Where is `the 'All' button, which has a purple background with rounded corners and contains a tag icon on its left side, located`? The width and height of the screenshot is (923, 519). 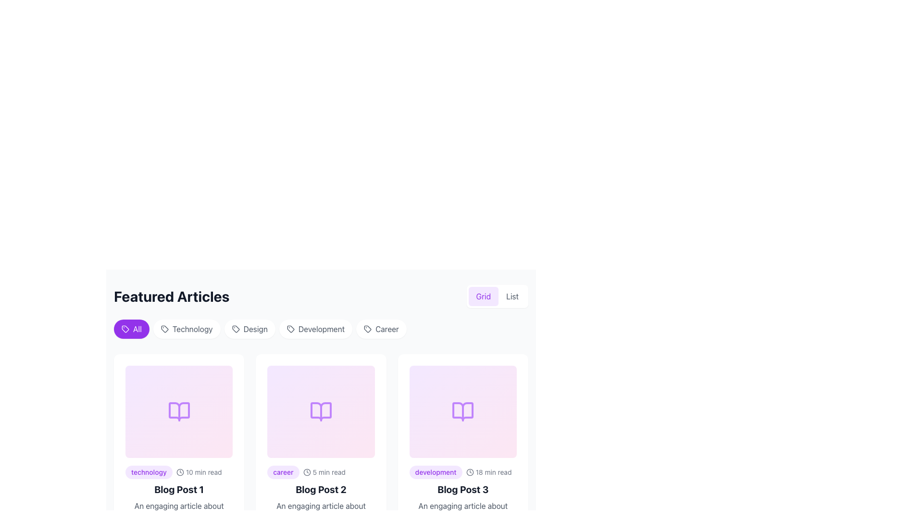 the 'All' button, which has a purple background with rounded corners and contains a tag icon on its left side, located is located at coordinates (125, 329).